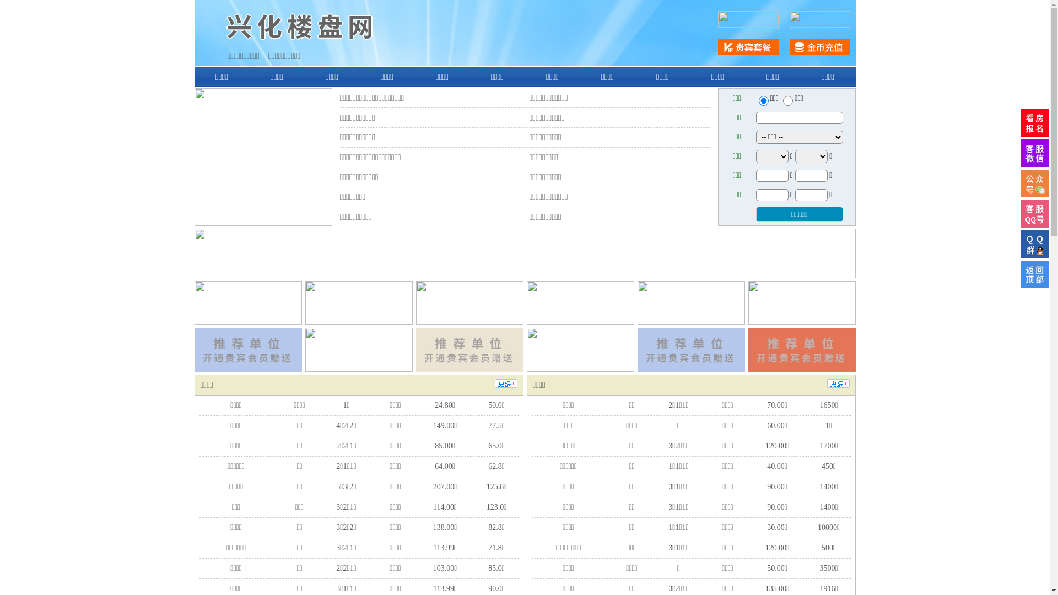  What do you see at coordinates (787, 100) in the screenshot?
I see `'chuzu'` at bounding box center [787, 100].